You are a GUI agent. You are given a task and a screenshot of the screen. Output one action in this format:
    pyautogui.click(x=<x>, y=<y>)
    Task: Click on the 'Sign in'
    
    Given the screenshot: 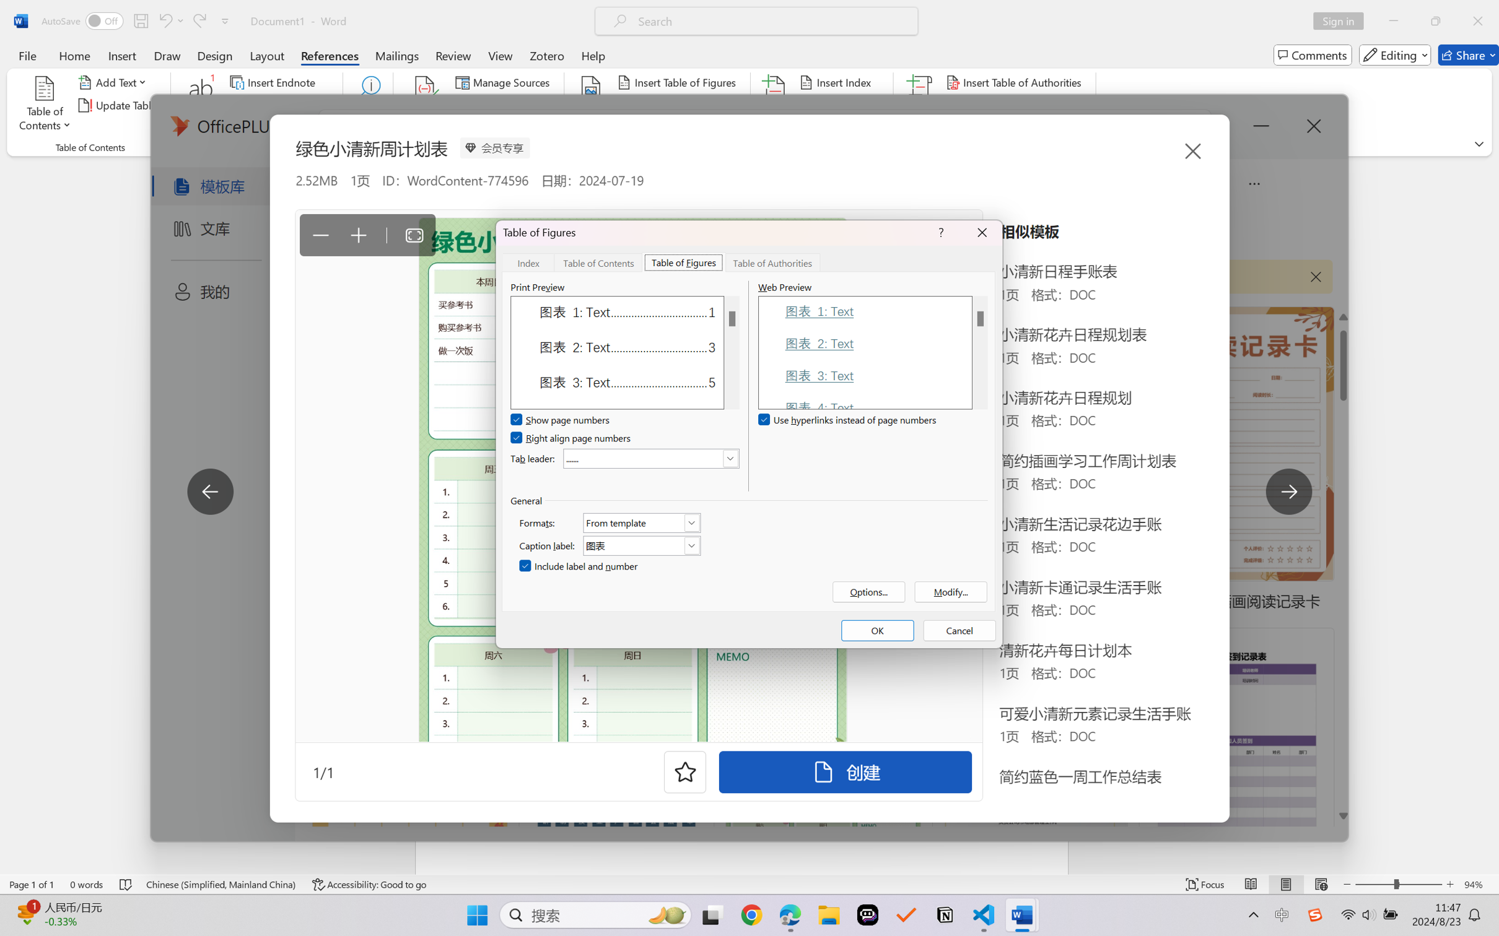 What is the action you would take?
    pyautogui.click(x=1343, y=20)
    